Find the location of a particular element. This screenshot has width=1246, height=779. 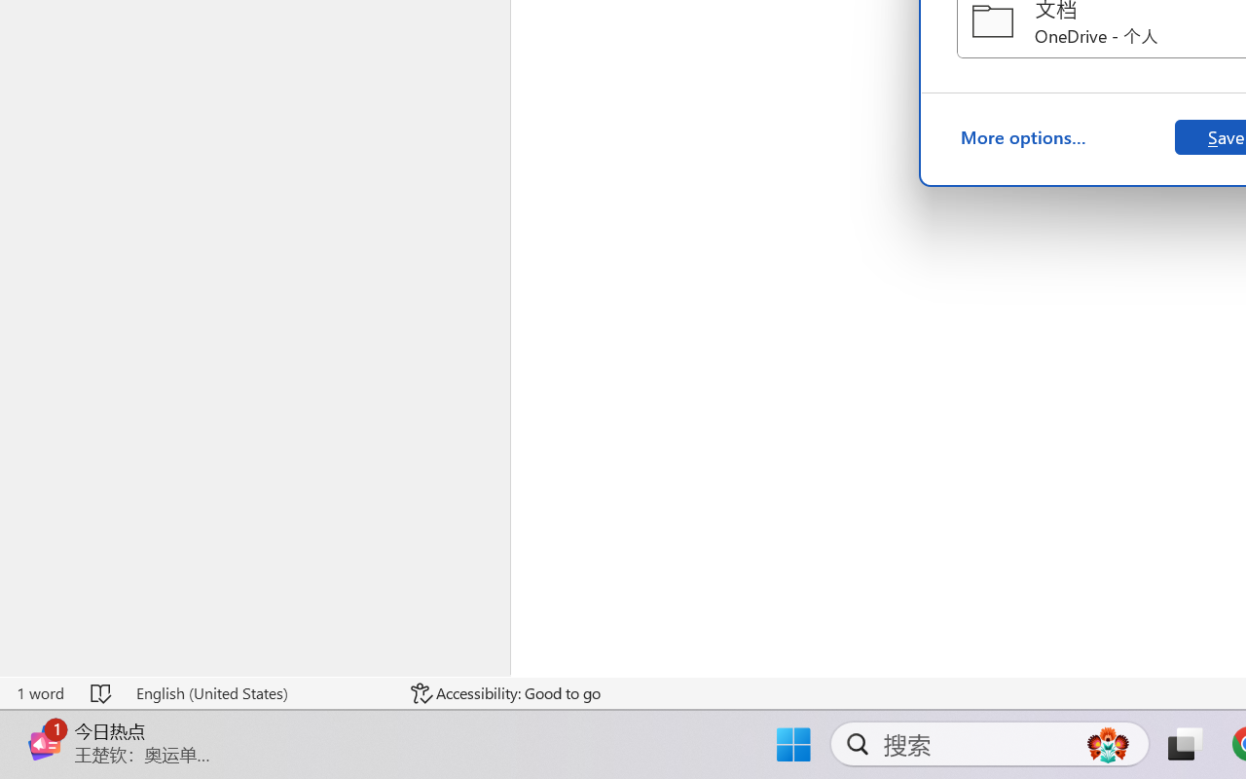

'Spelling and Grammar Check No Errors' is located at coordinates (101, 692).